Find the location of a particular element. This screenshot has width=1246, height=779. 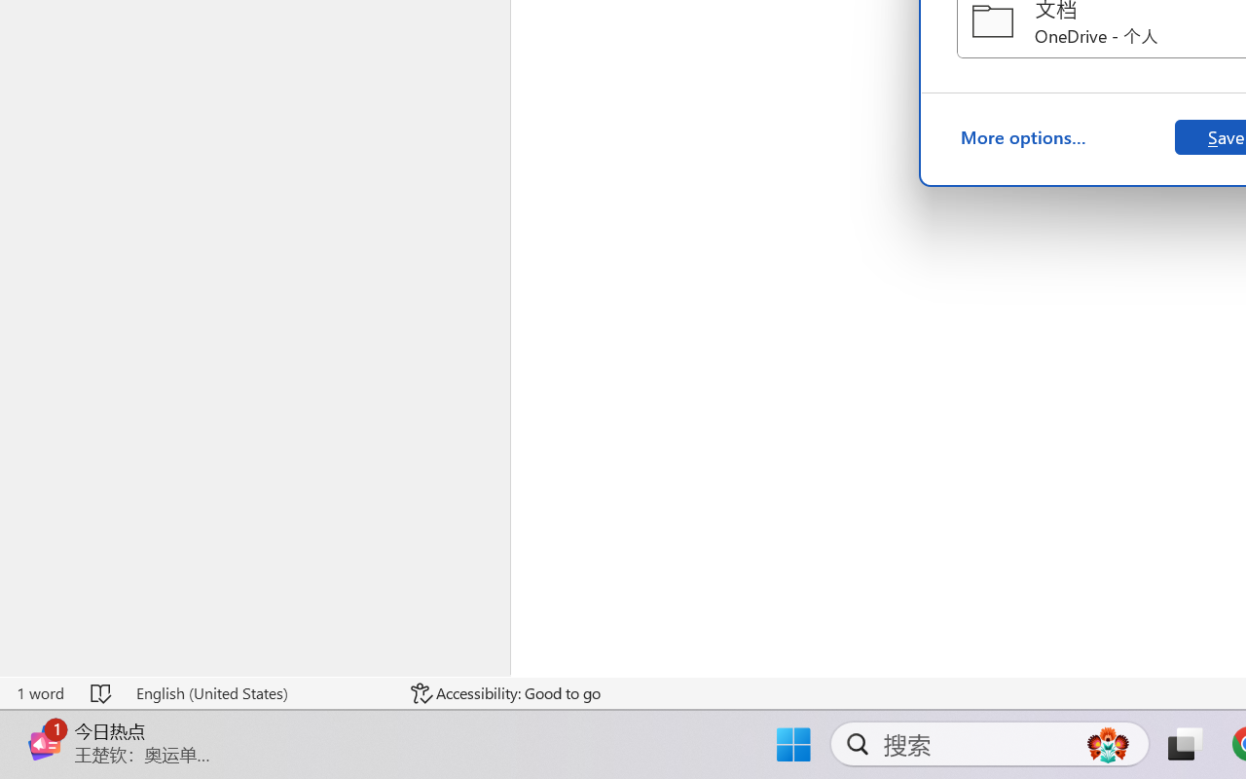

'Spelling and Grammar Check No Errors' is located at coordinates (101, 692).